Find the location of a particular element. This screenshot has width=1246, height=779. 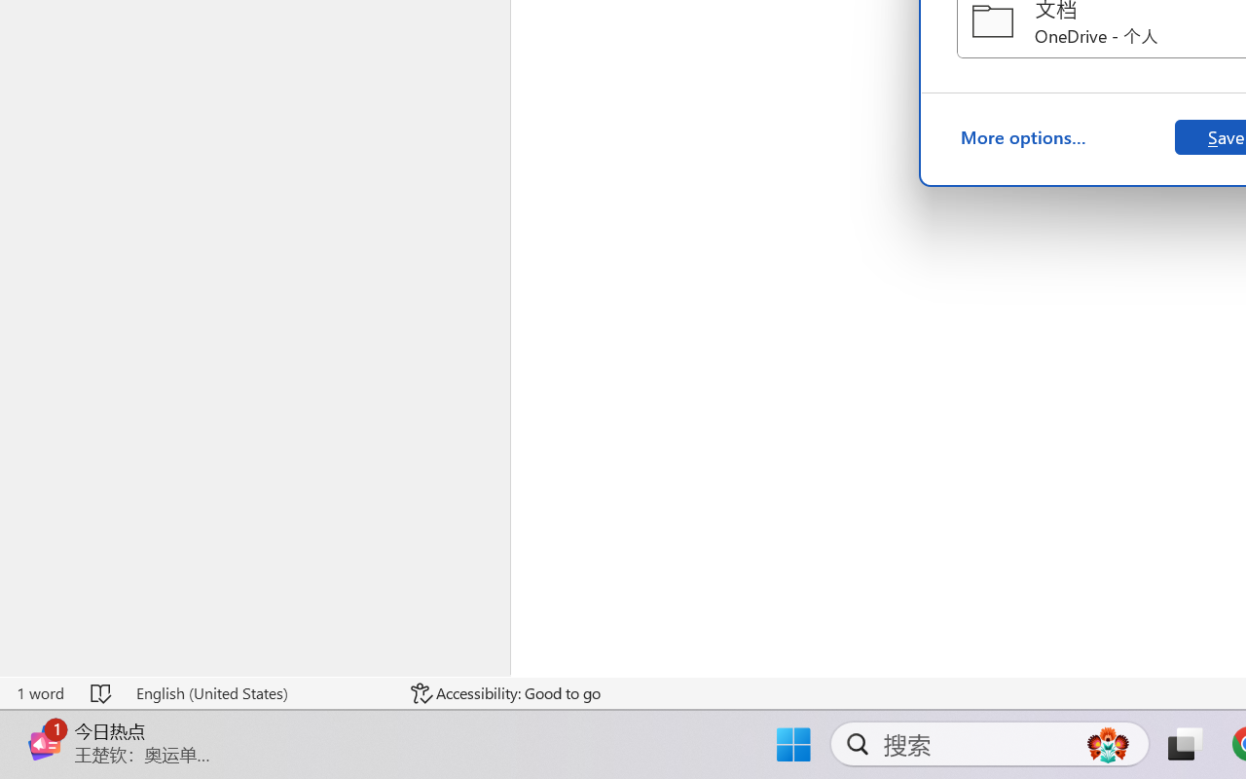

'Spelling and Grammar Check No Errors' is located at coordinates (101, 692).